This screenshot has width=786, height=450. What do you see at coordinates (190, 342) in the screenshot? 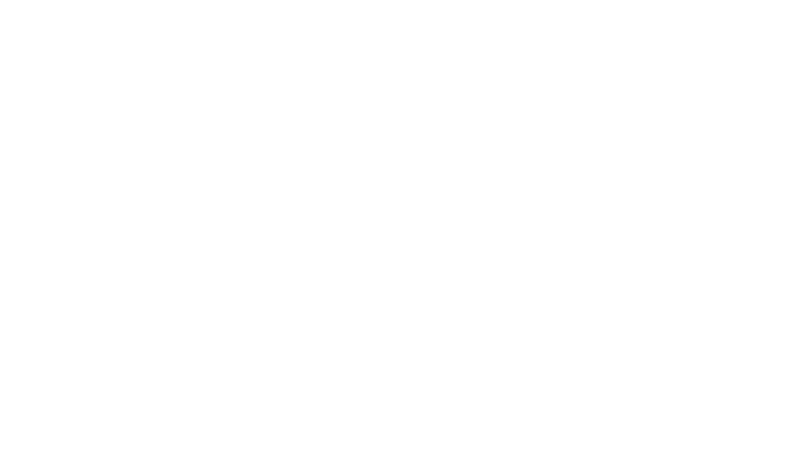
I see `'Leadership Opportunities'` at bounding box center [190, 342].